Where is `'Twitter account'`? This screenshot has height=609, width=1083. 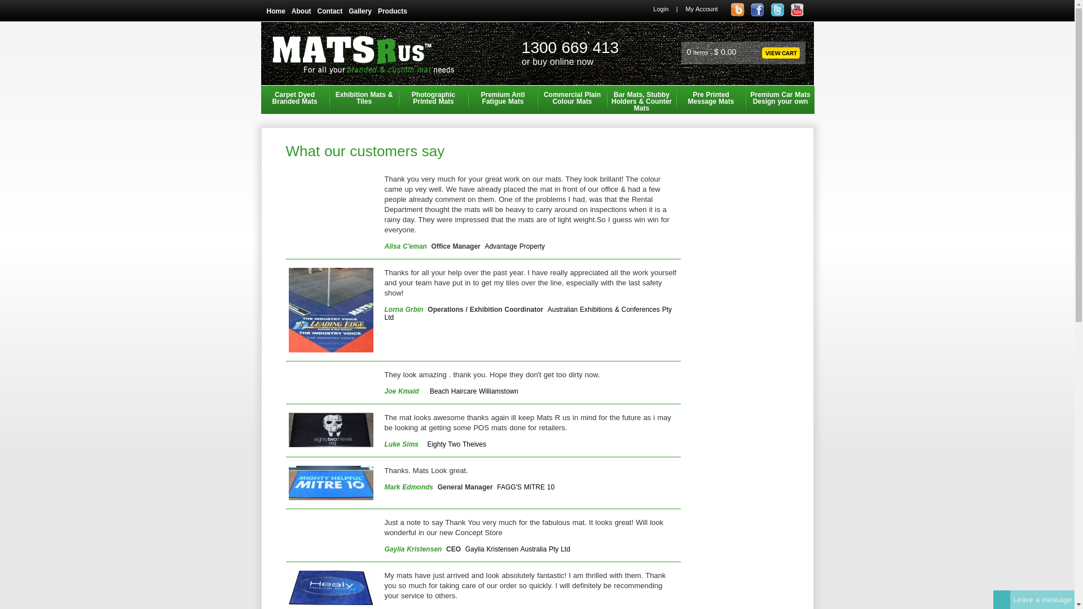 'Twitter account' is located at coordinates (776, 15).